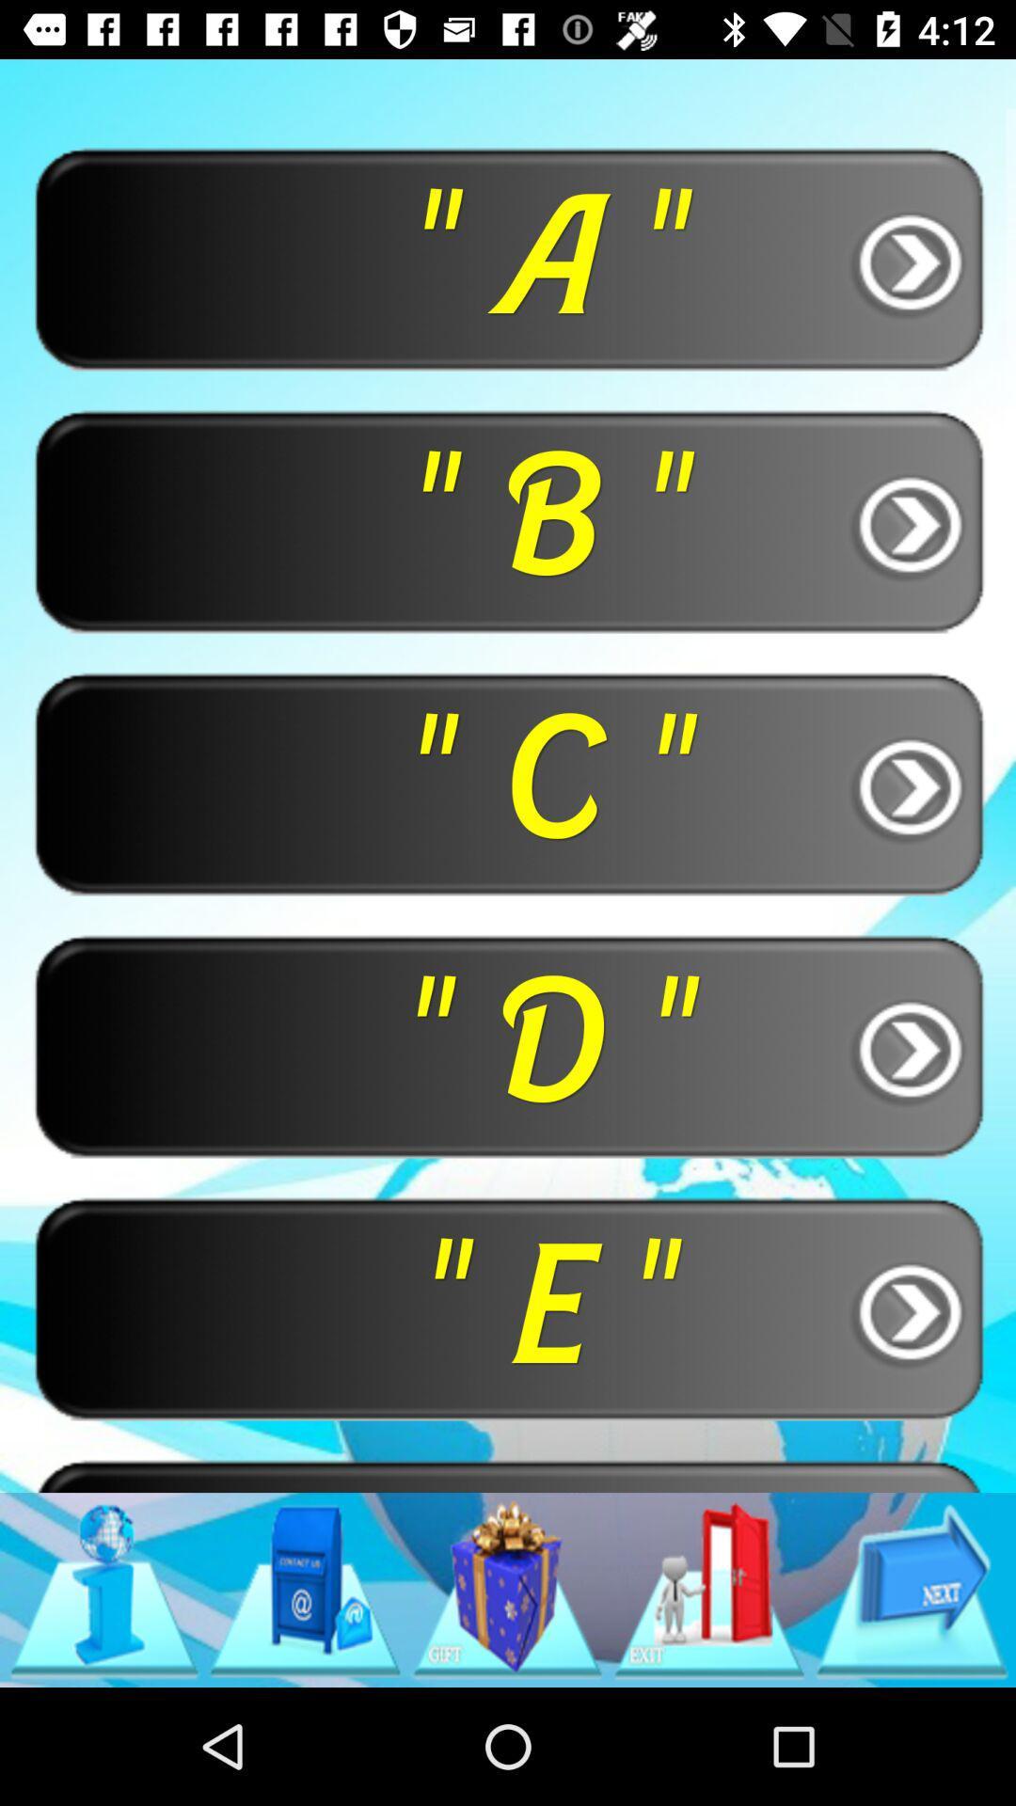  I want to click on the button below the   " b " button, so click(508, 783).